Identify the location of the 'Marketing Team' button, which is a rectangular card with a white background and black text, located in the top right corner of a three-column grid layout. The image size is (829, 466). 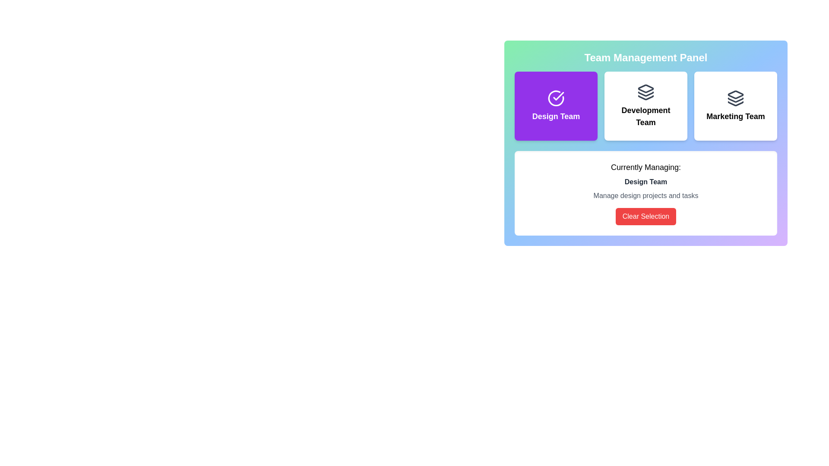
(735, 106).